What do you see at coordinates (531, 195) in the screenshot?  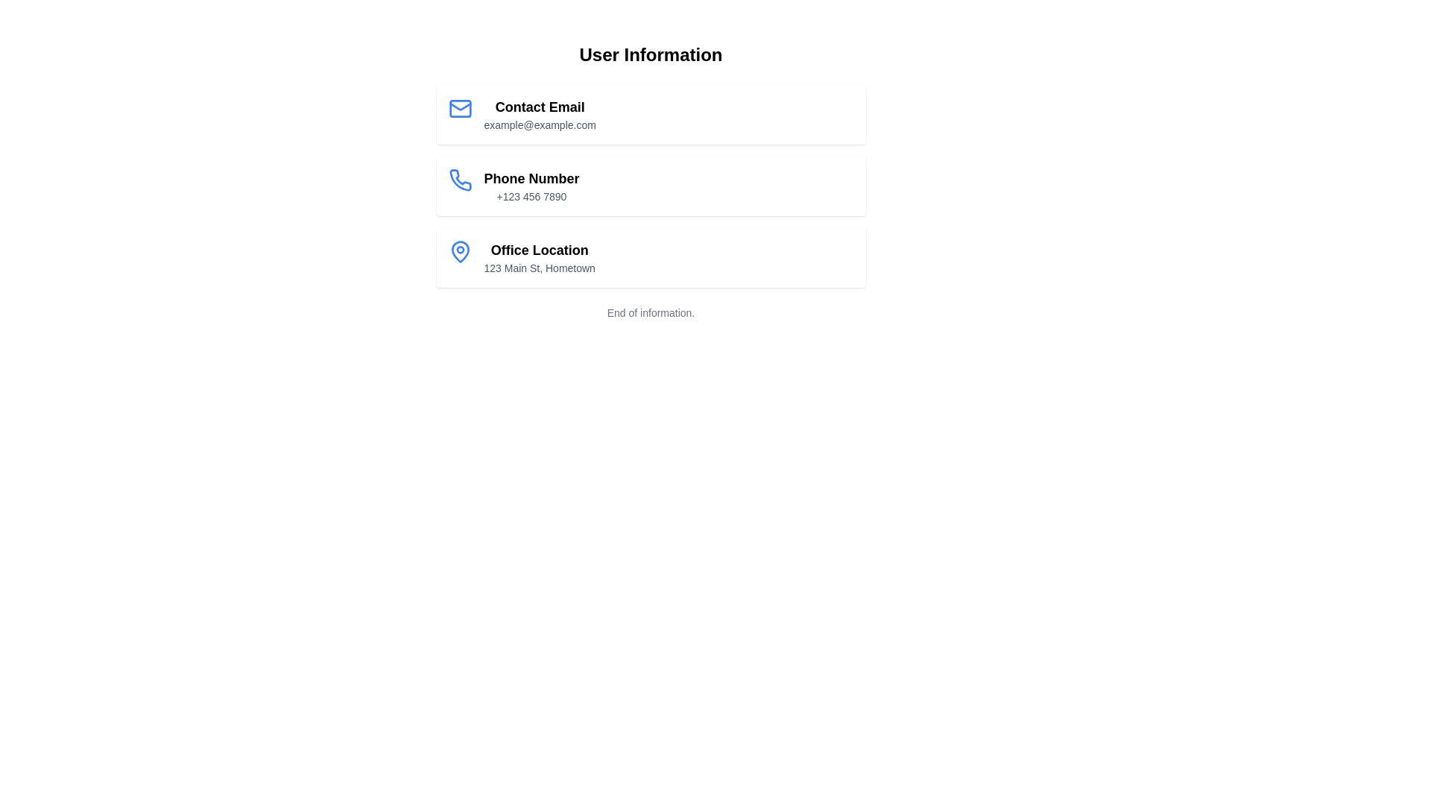 I see `the non-interactive Text Display showing the user's phone number, located beneath the 'Phone Number' label in the 'User Information' section` at bounding box center [531, 195].